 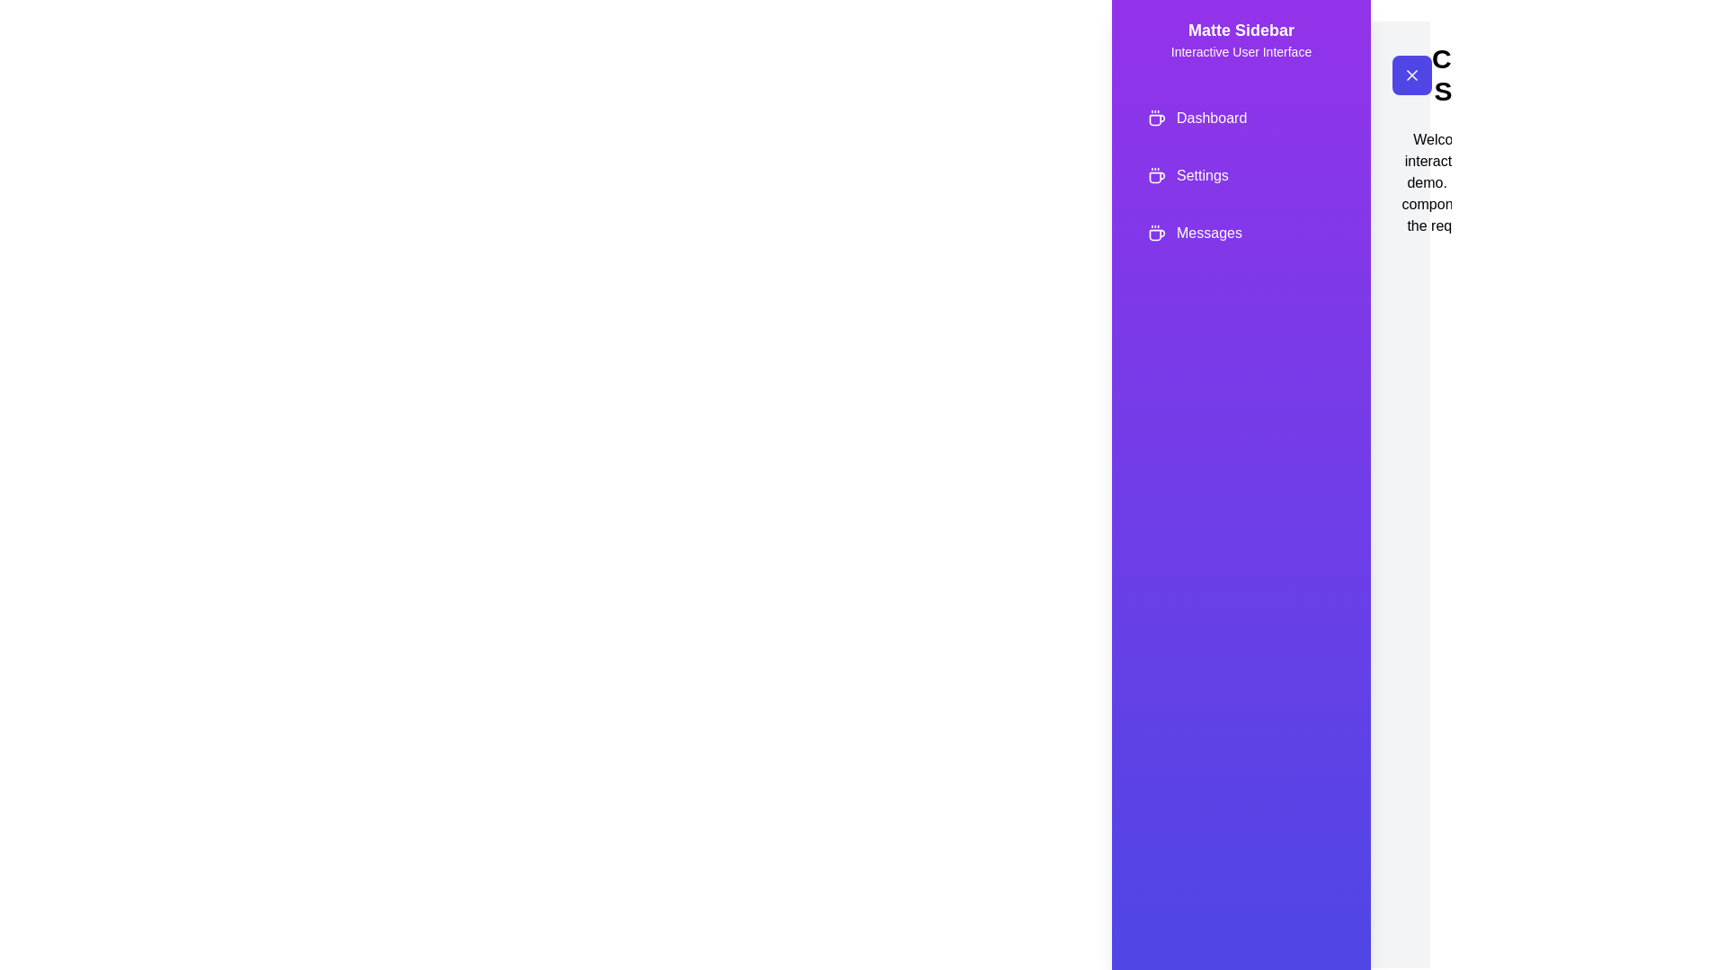 I want to click on the 'Dashboard' button, which has a purple background, a coffee cup icon on the left, and is the first item in the sidebar menu, so click(x=1241, y=118).